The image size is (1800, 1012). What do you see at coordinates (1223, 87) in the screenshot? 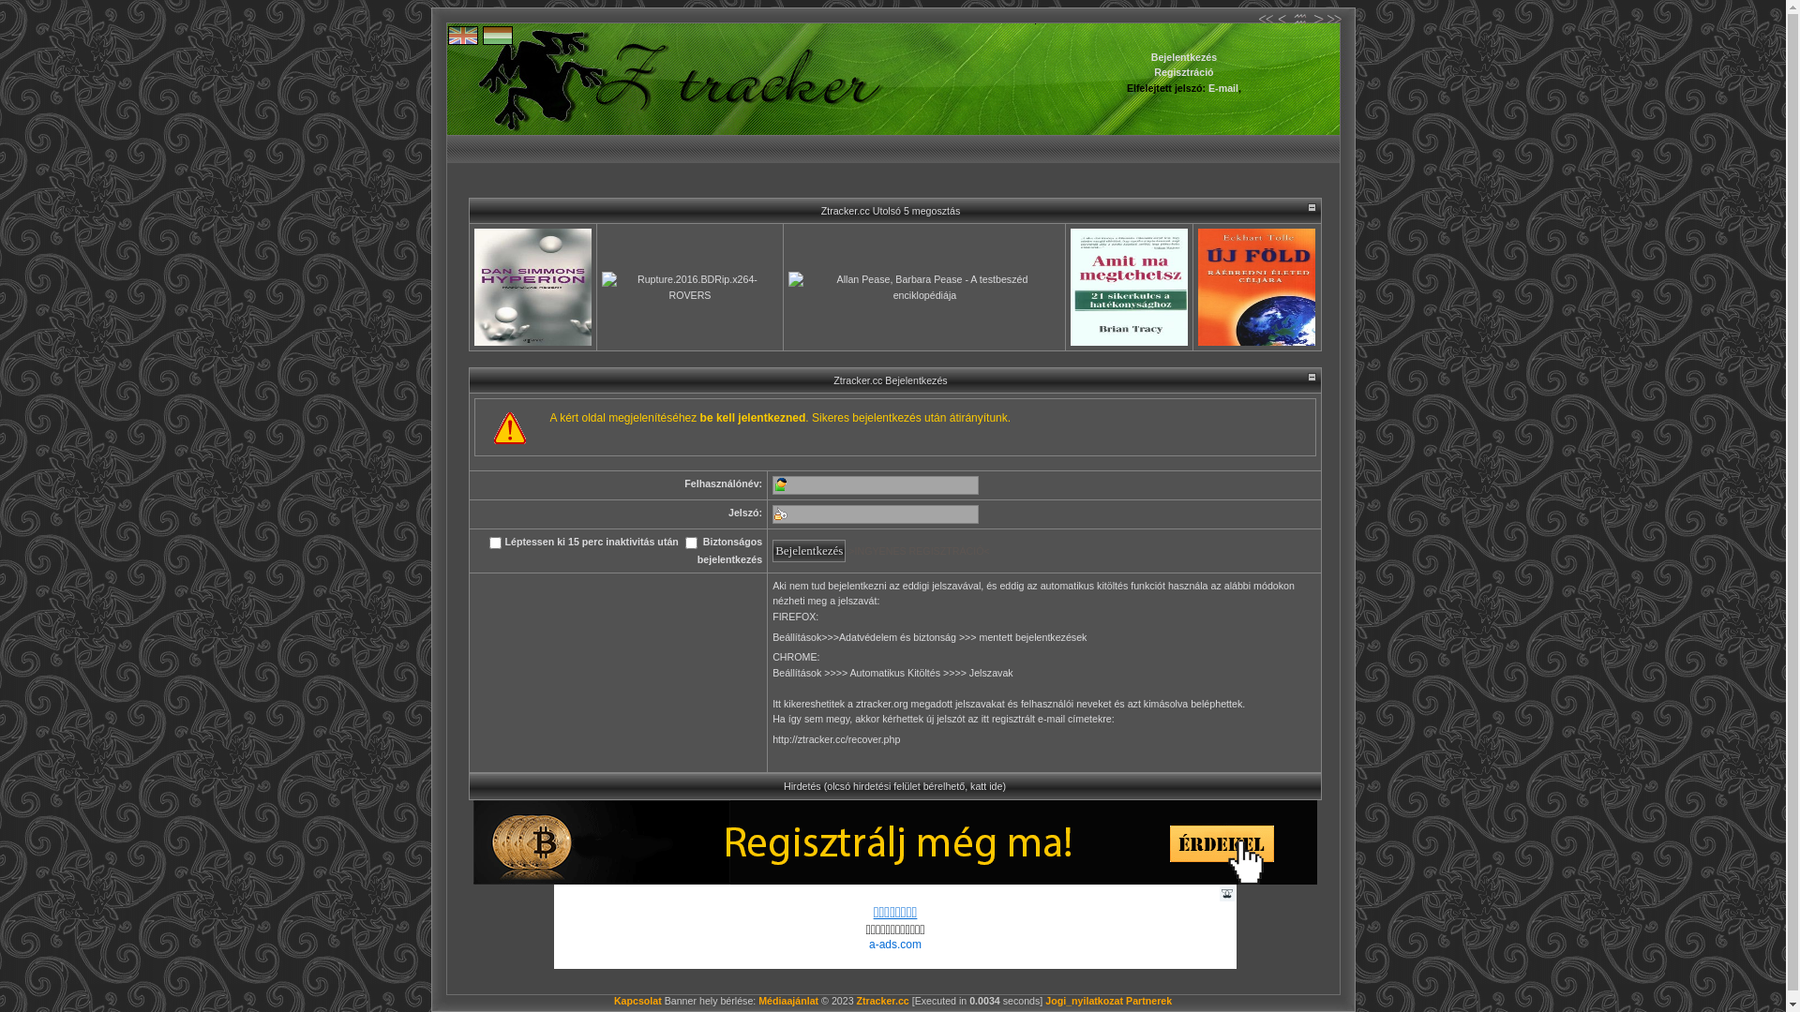
I see `'E-mail'` at bounding box center [1223, 87].